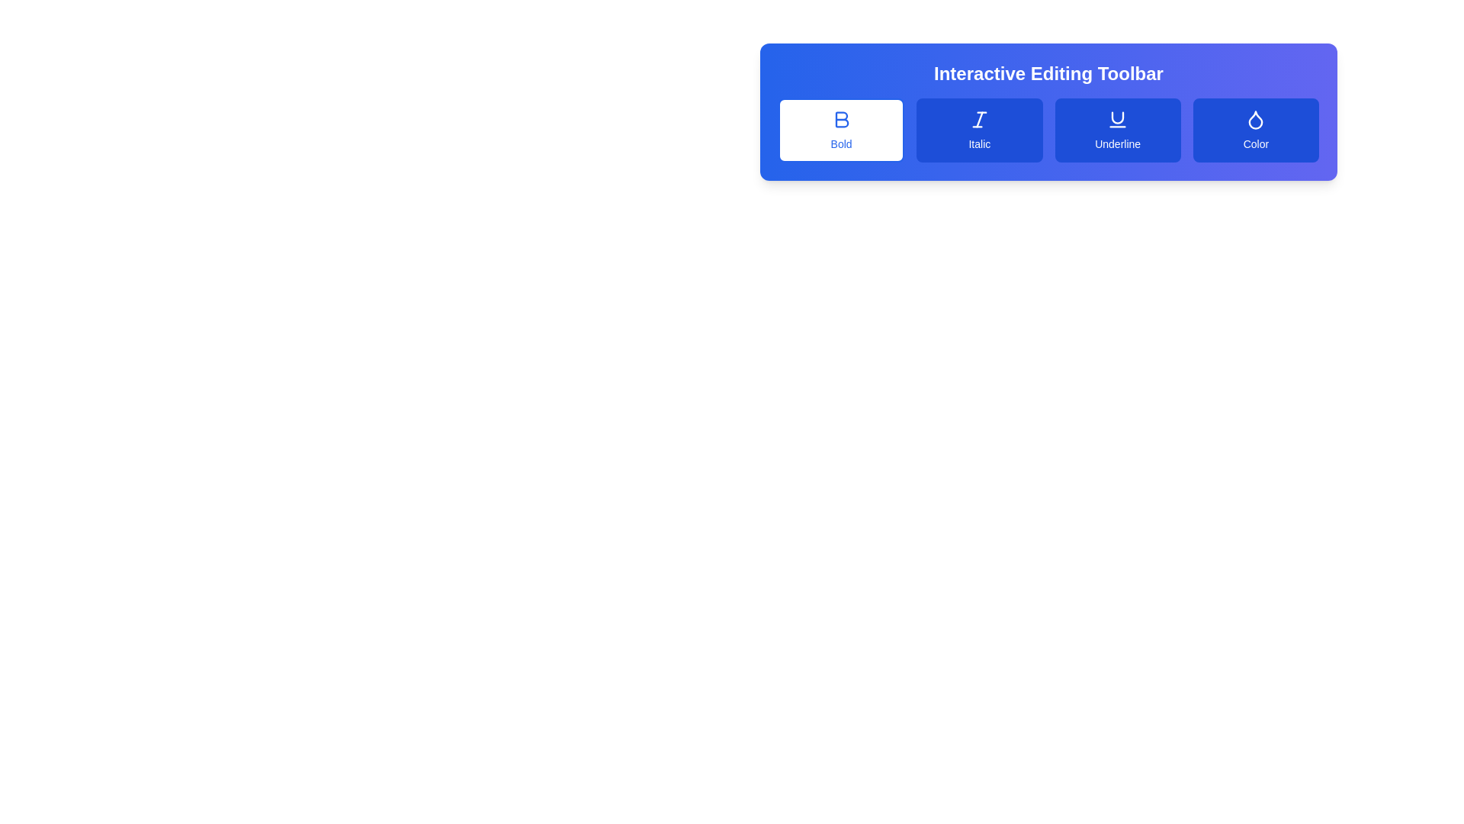  I want to click on the italic button in the toolbar, so click(979, 119).